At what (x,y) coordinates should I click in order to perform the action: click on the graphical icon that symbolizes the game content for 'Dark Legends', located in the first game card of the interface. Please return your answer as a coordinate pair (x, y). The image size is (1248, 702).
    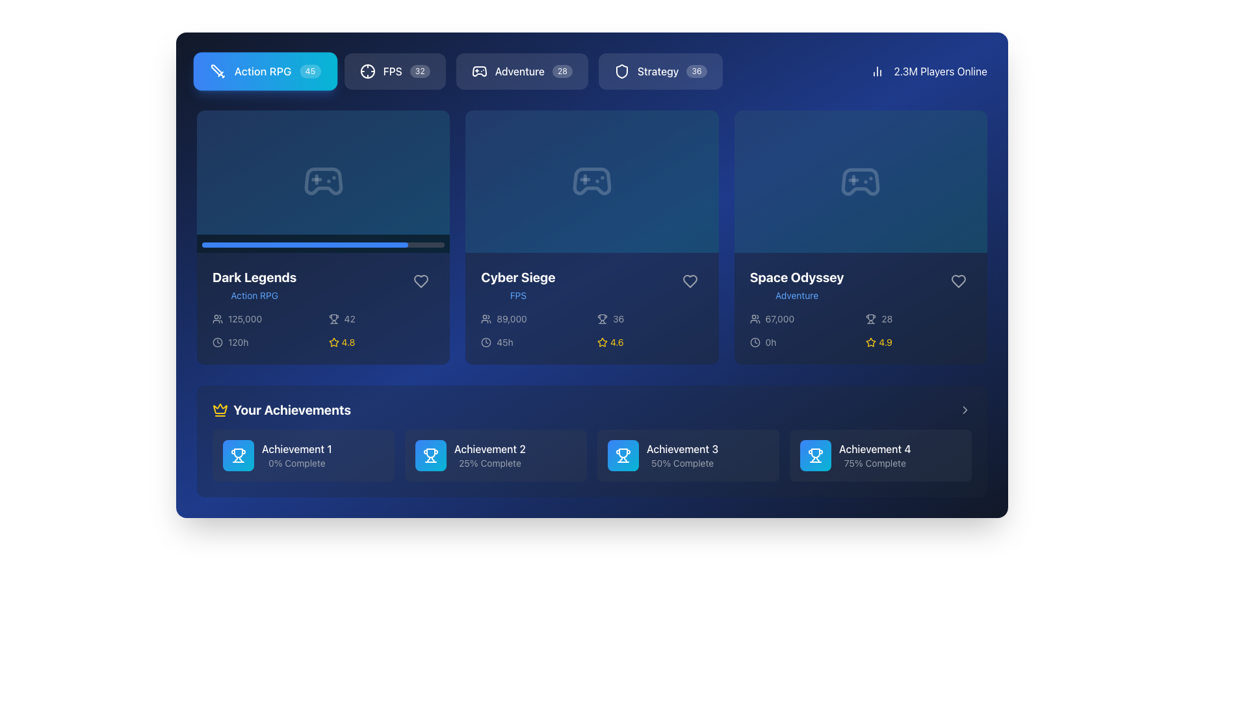
    Looking at the image, I should click on (323, 181).